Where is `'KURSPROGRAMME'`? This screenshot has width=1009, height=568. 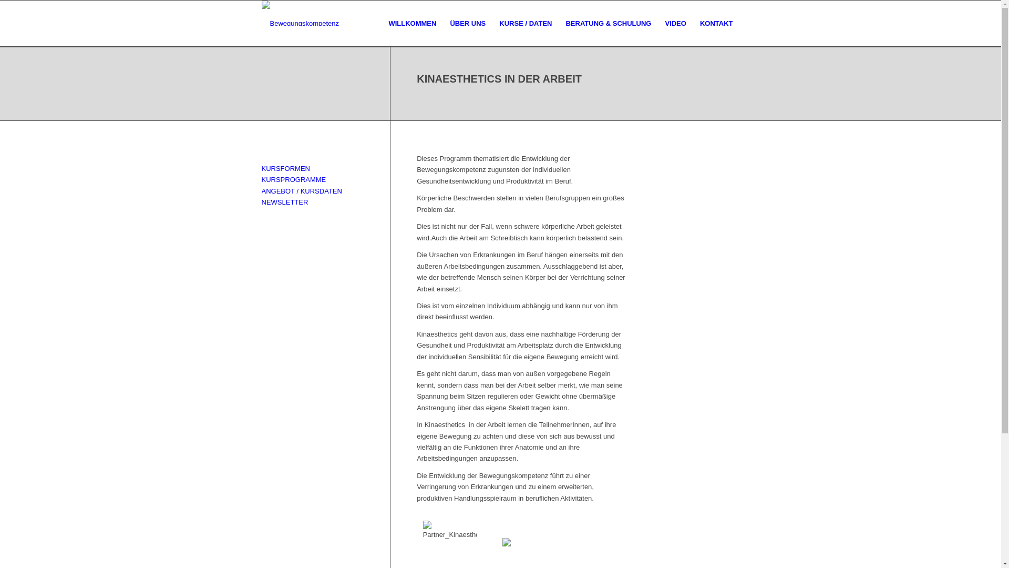 'KURSPROGRAMME' is located at coordinates (294, 179).